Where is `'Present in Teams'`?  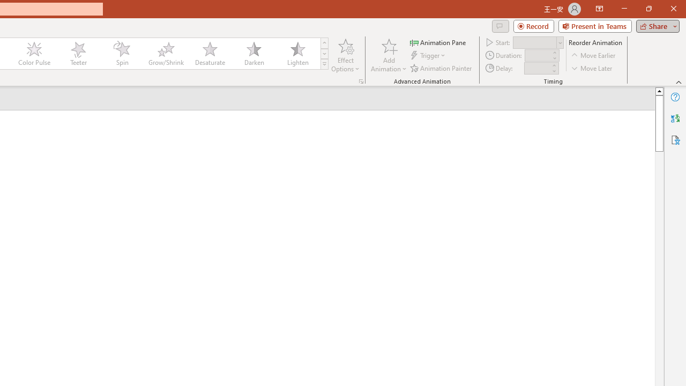
'Present in Teams' is located at coordinates (594, 25).